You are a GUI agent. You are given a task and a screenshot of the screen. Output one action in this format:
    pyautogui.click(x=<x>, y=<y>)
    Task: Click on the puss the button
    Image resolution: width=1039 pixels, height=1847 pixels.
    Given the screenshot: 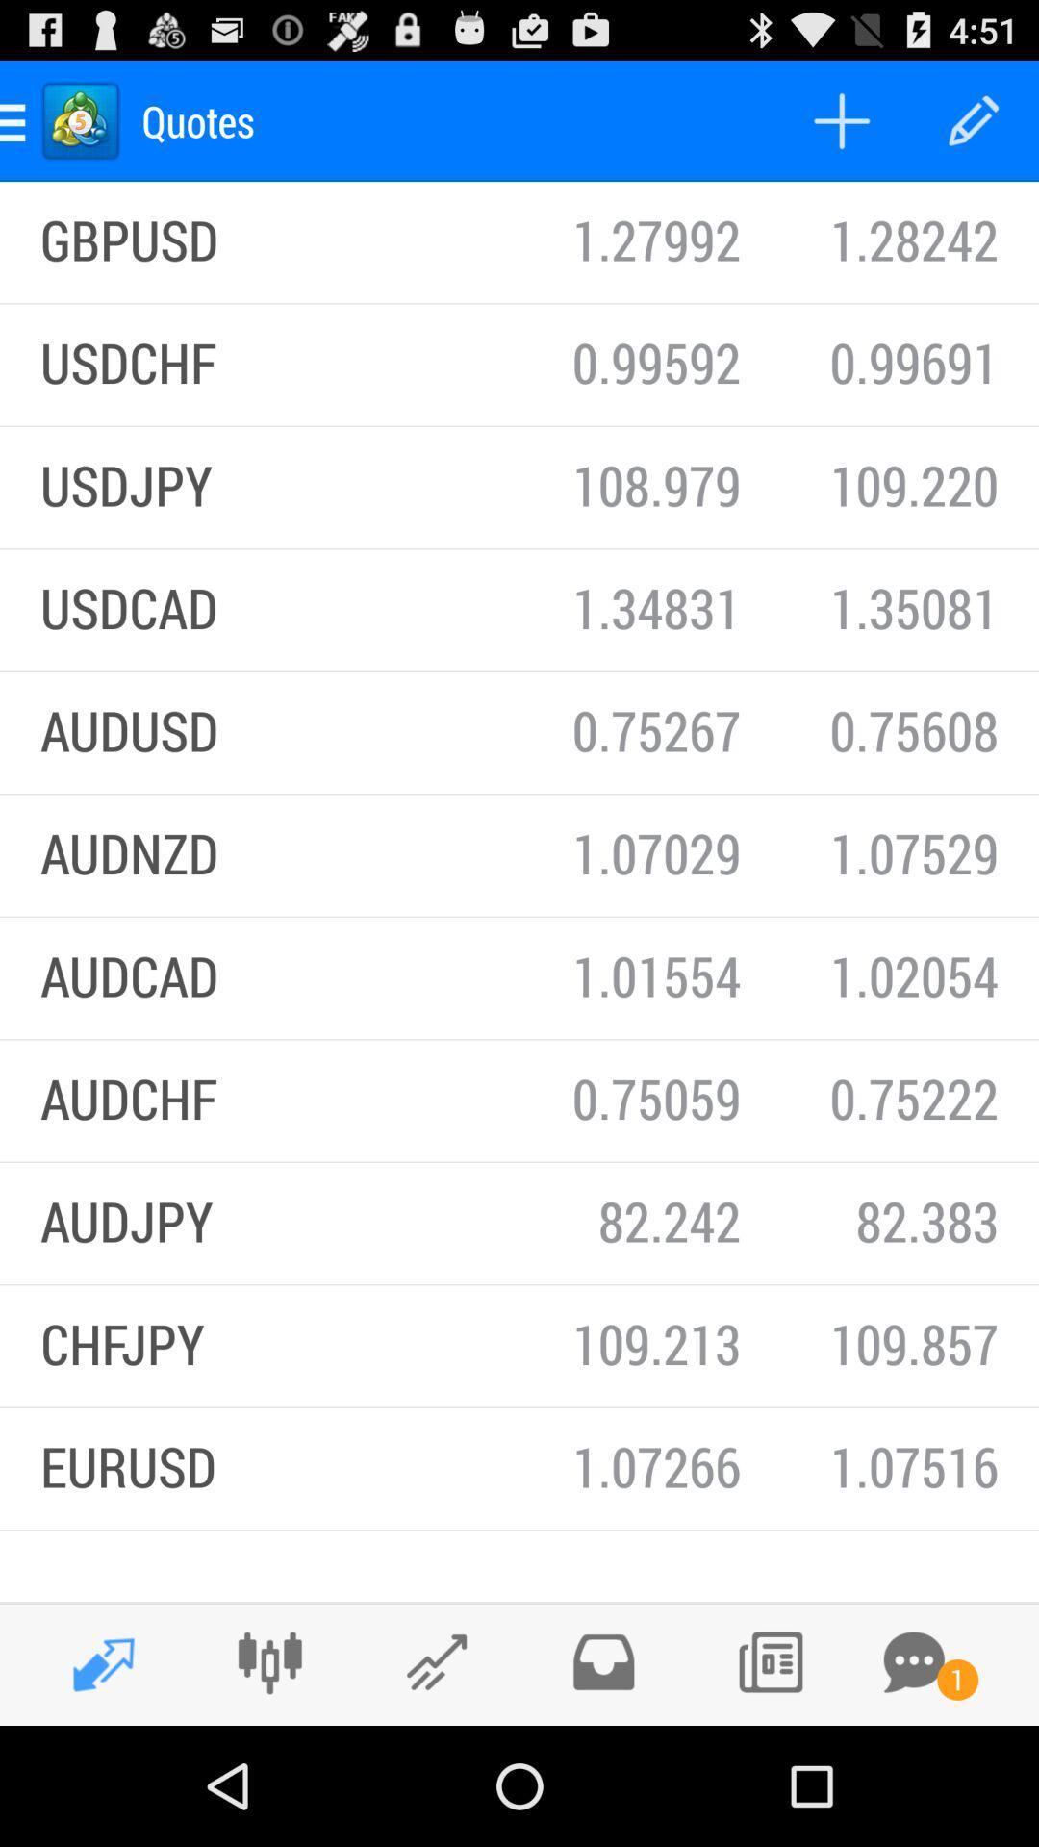 What is the action you would take?
    pyautogui.click(x=769, y=1661)
    